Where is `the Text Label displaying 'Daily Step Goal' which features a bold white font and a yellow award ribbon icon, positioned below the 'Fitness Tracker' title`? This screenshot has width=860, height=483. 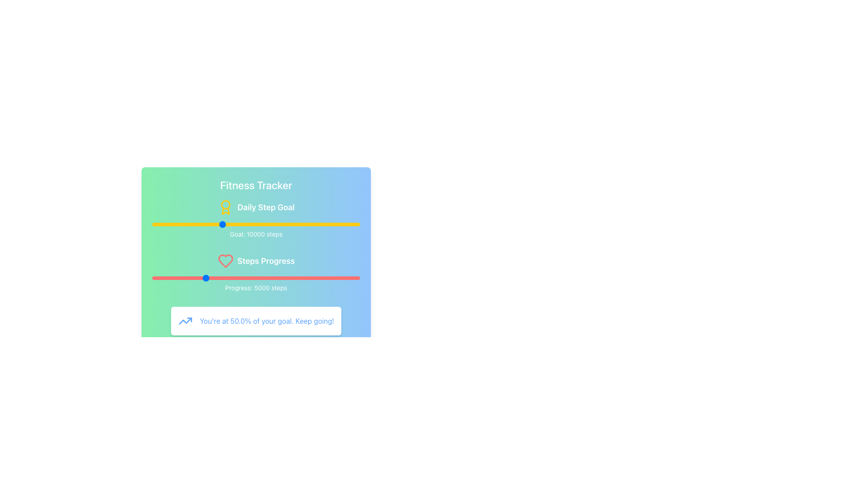 the Text Label displaying 'Daily Step Goal' which features a bold white font and a yellow award ribbon icon, positioned below the 'Fitness Tracker' title is located at coordinates (255, 207).